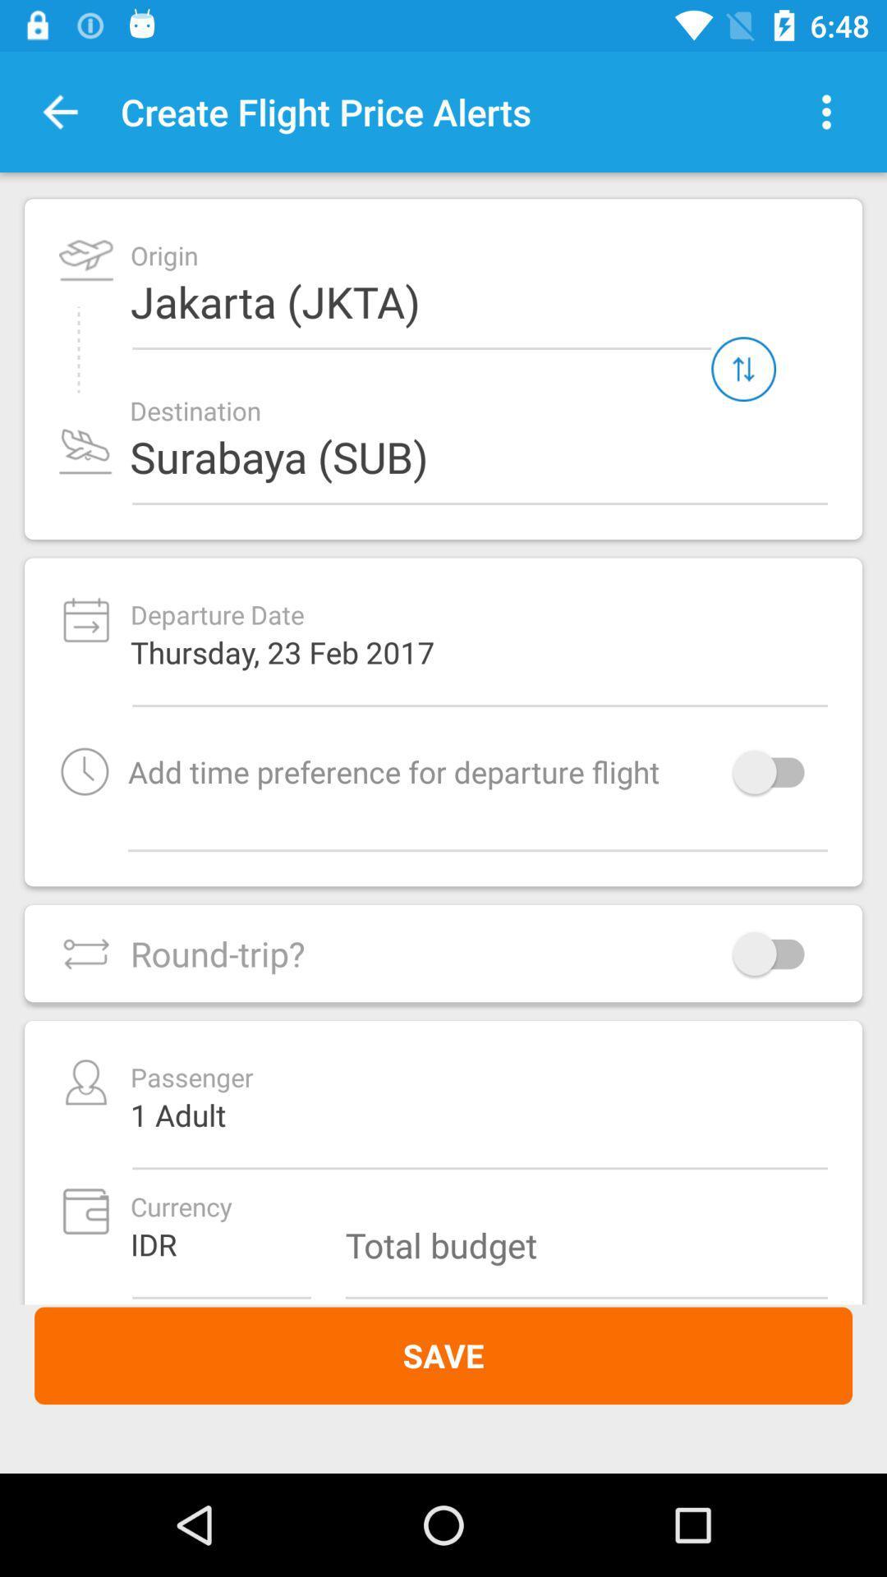 The height and width of the screenshot is (1577, 887). Describe the element at coordinates (59, 111) in the screenshot. I see `go back` at that location.